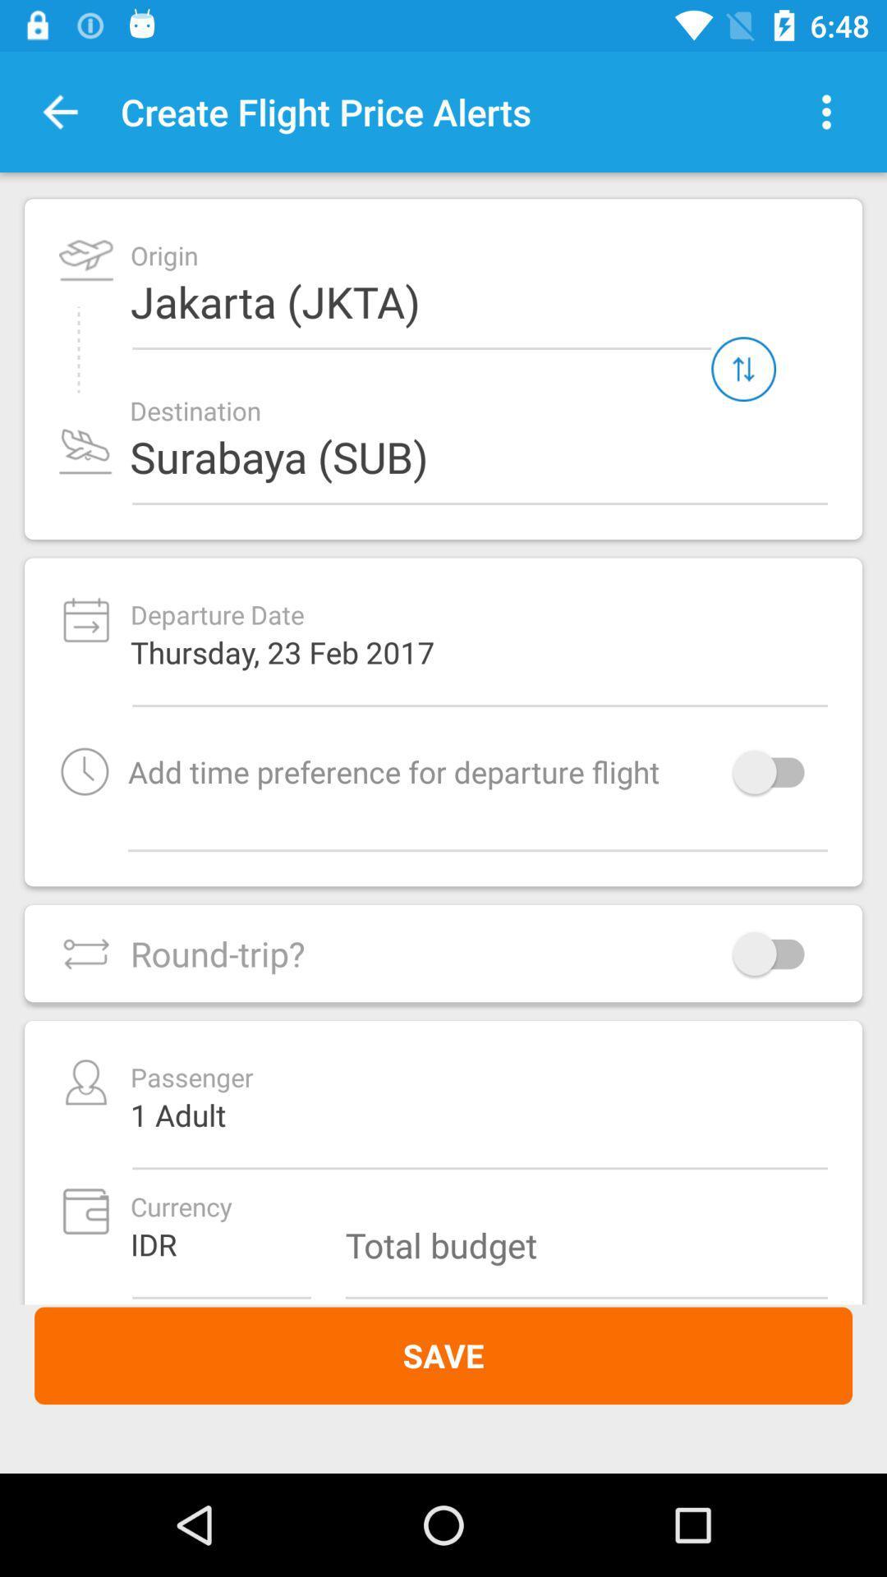 The height and width of the screenshot is (1577, 887). Describe the element at coordinates (59, 111) in the screenshot. I see `go back` at that location.